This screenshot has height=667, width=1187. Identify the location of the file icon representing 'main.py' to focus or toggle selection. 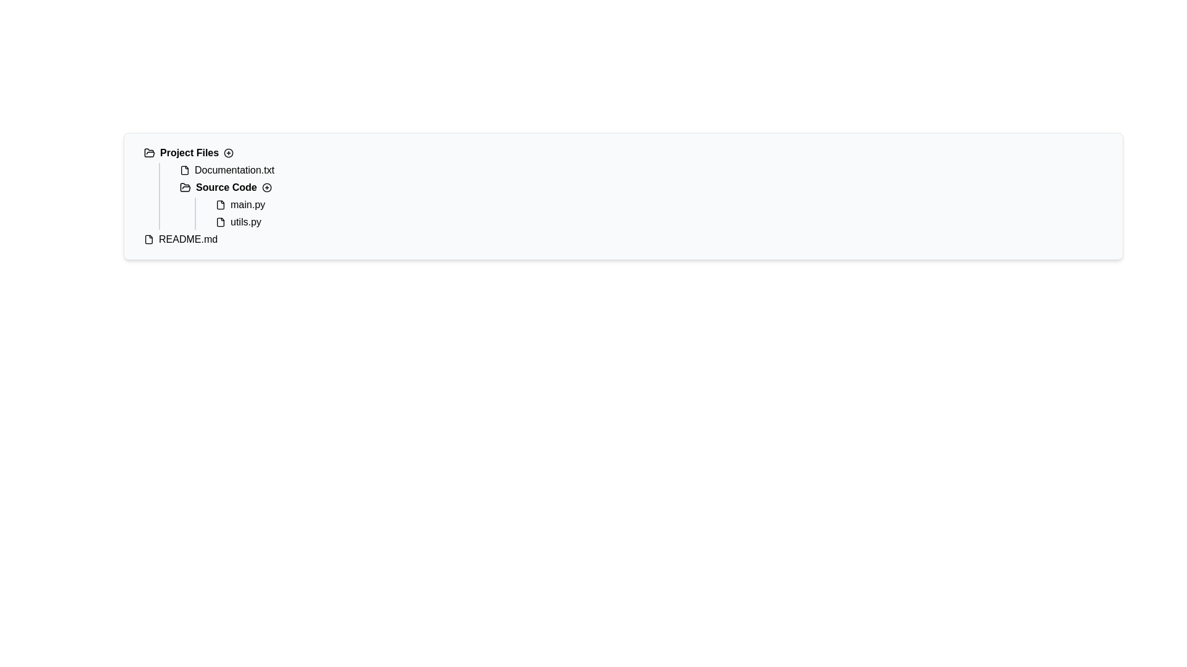
(220, 204).